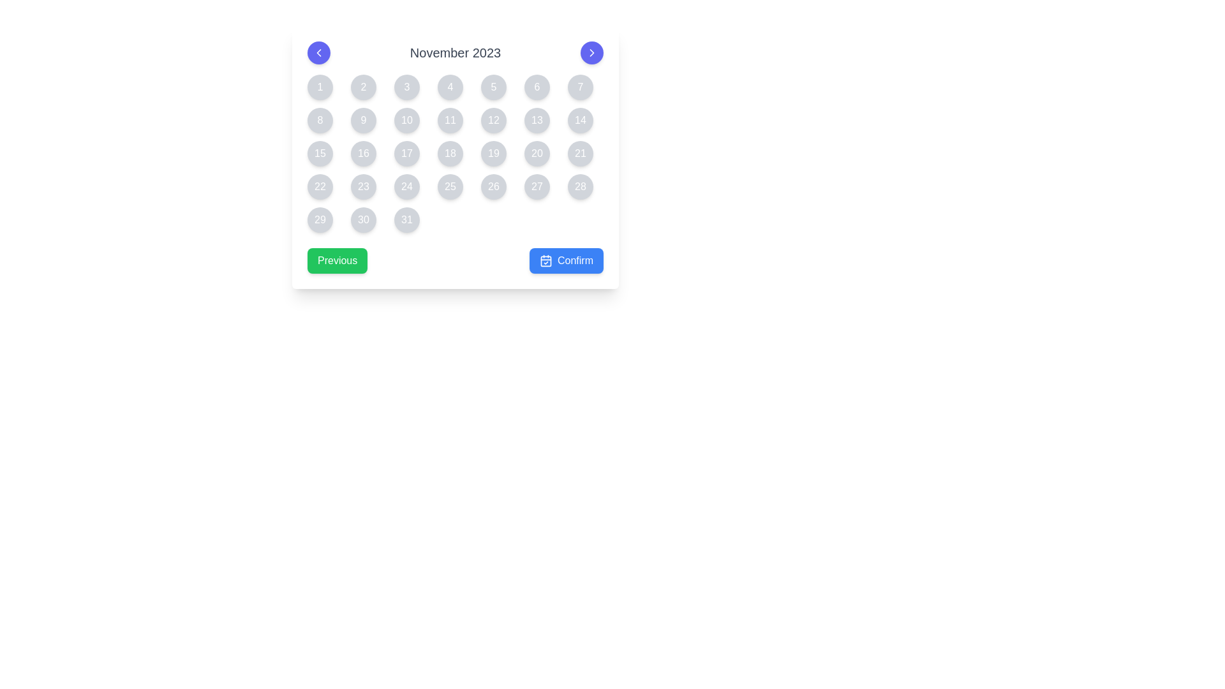 The width and height of the screenshot is (1225, 689). What do you see at coordinates (546, 260) in the screenshot?
I see `the confirm button icon located in the bottom-right of the calendar interface, adjacent to the 'Confirm' text` at bounding box center [546, 260].